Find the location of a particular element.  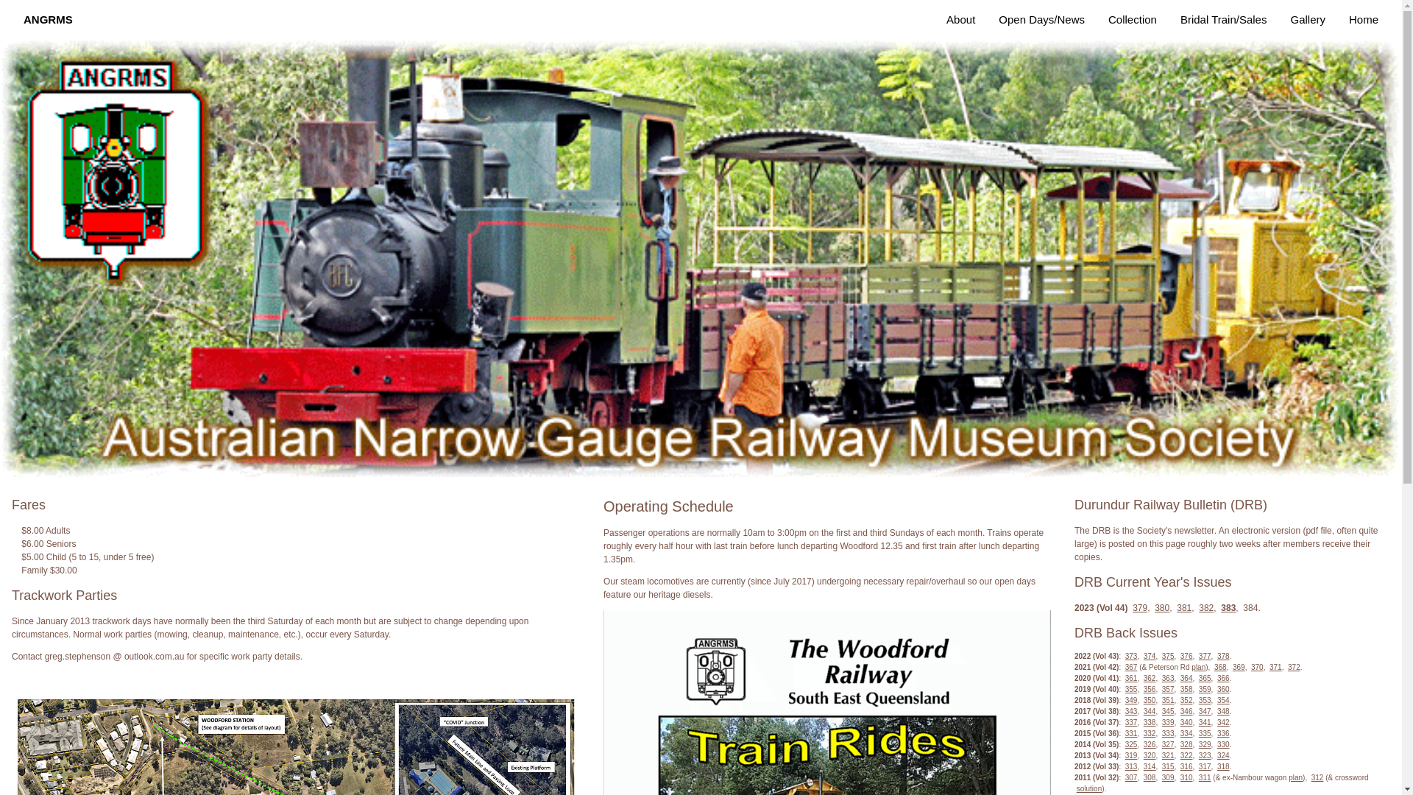

'376' is located at coordinates (1186, 655).